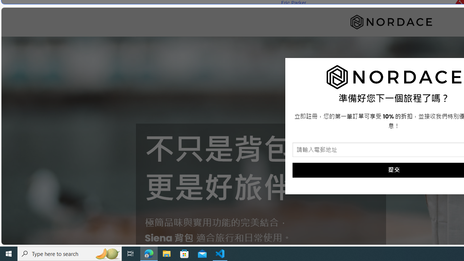 This screenshot has width=464, height=261. Describe the element at coordinates (130, 253) in the screenshot. I see `'Task View'` at that location.